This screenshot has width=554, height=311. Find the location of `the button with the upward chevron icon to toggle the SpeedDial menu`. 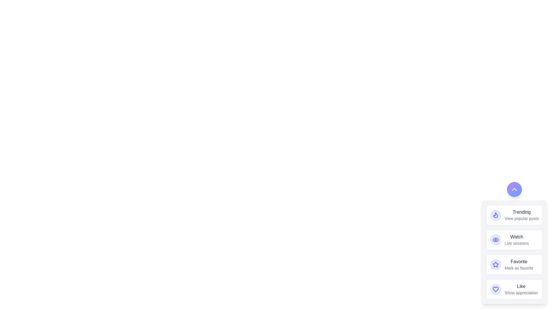

the button with the upward chevron icon to toggle the SpeedDial menu is located at coordinates (514, 189).